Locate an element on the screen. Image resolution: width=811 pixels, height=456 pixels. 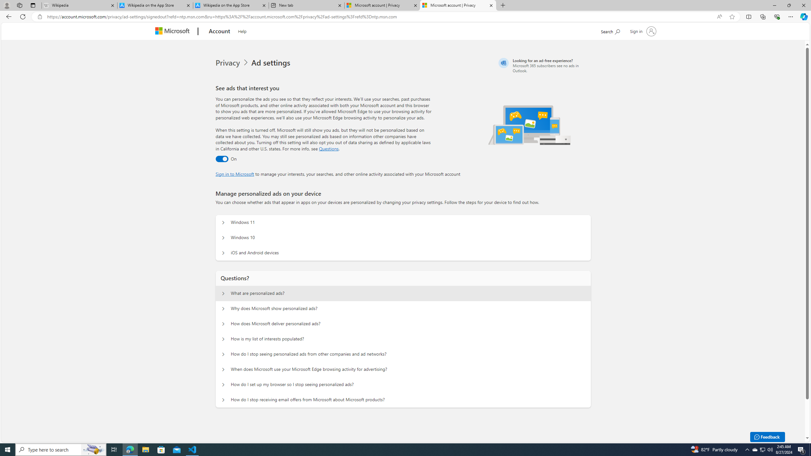
'Manage personalized ads on your device Windows 10' is located at coordinates (223, 237).